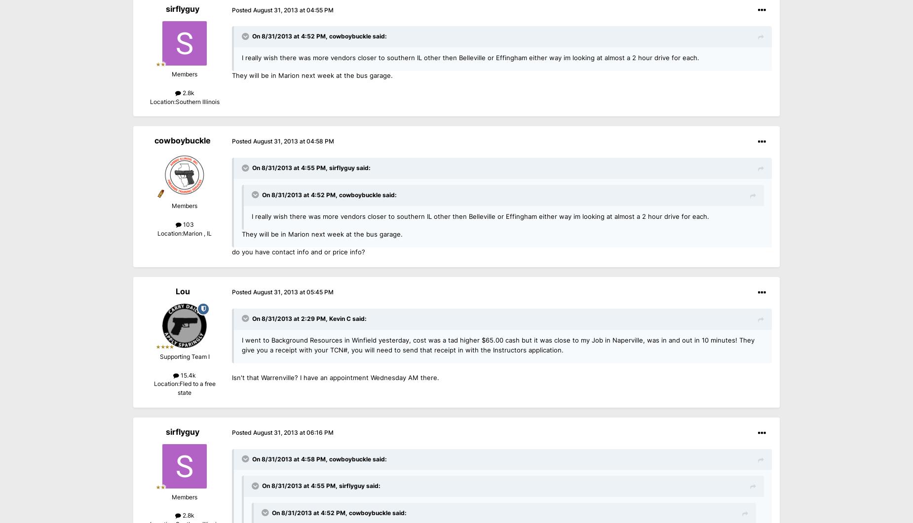 The height and width of the screenshot is (523, 913). What do you see at coordinates (196, 233) in the screenshot?
I see `'Marion , IL'` at bounding box center [196, 233].